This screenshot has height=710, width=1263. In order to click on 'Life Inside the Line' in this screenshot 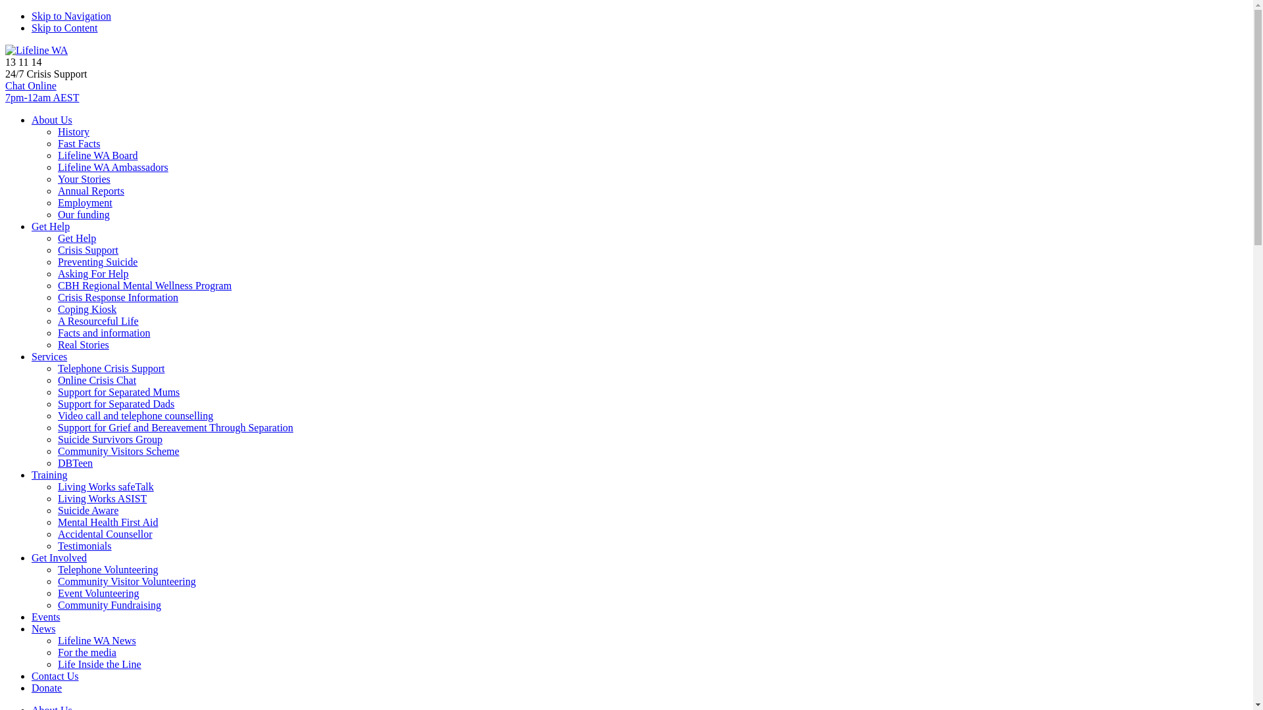, I will do `click(99, 664)`.